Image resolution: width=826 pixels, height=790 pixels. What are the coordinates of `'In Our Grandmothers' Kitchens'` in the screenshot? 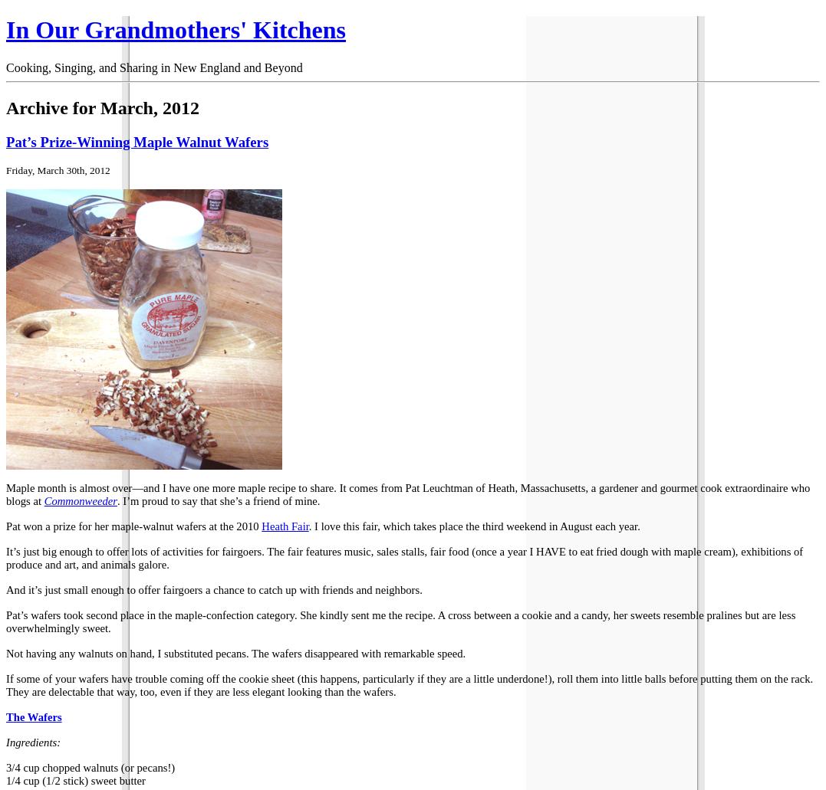 It's located at (5, 29).